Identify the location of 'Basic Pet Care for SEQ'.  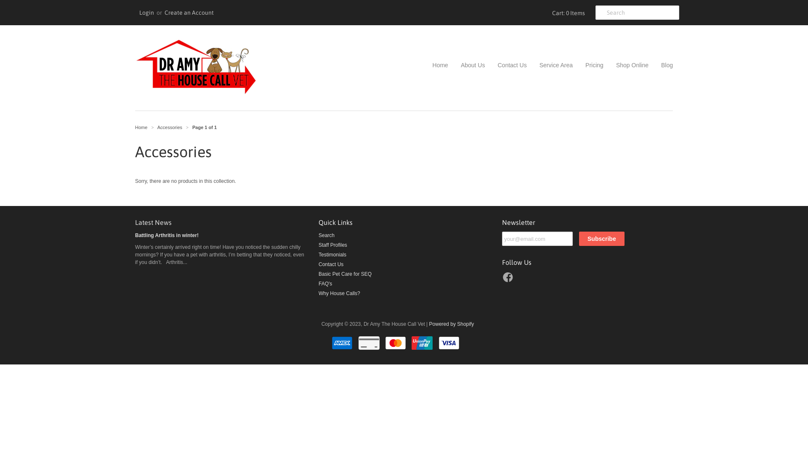
(345, 274).